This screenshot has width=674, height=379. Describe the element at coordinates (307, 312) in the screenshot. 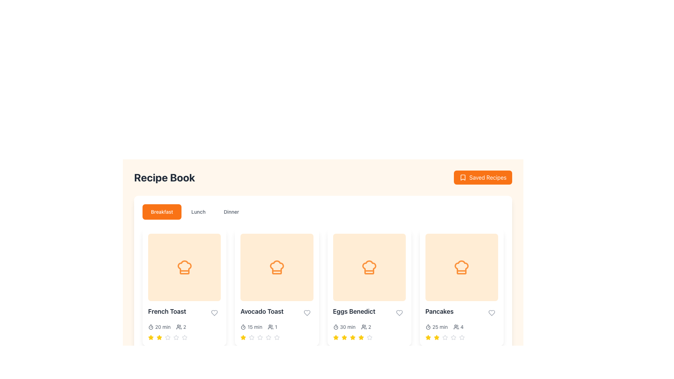

I see `the Heart icon located at the bottom right of the 'Avocado Toast' recipe card` at that location.